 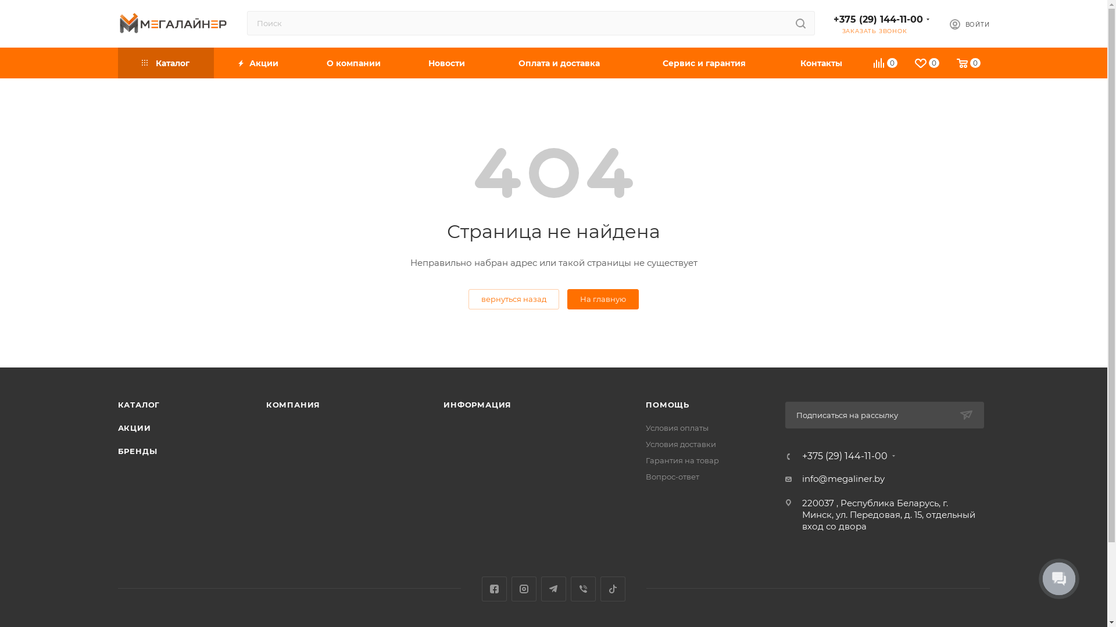 I want to click on 'Facebook', so click(x=494, y=589).